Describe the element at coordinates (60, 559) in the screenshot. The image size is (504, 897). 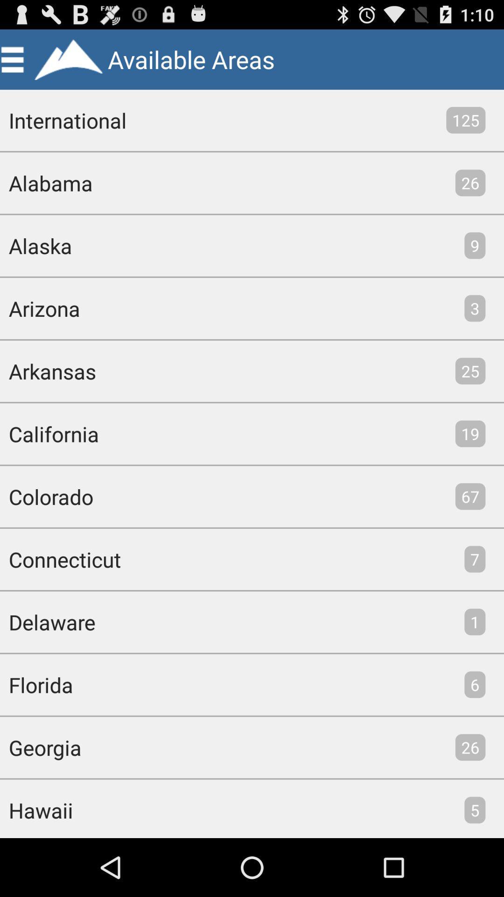
I see `the app to the left of 7 item` at that location.